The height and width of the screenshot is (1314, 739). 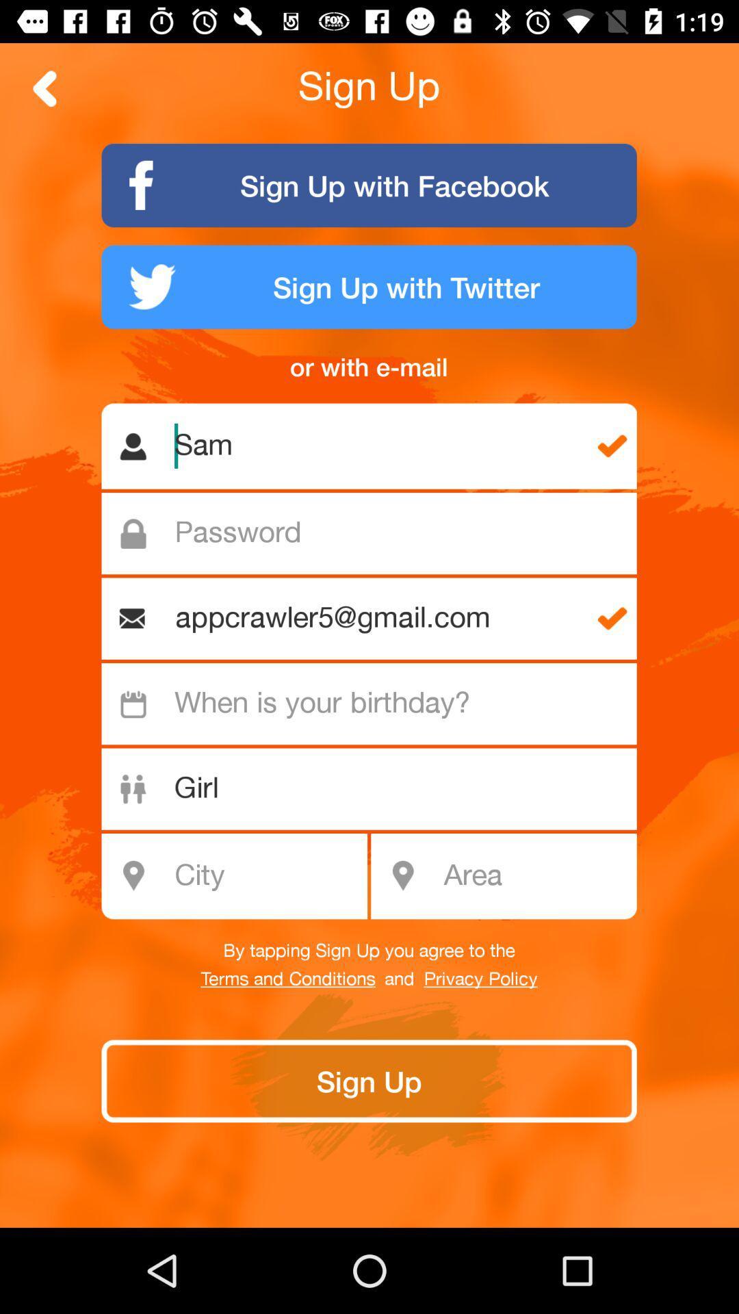 I want to click on city, so click(x=242, y=876).